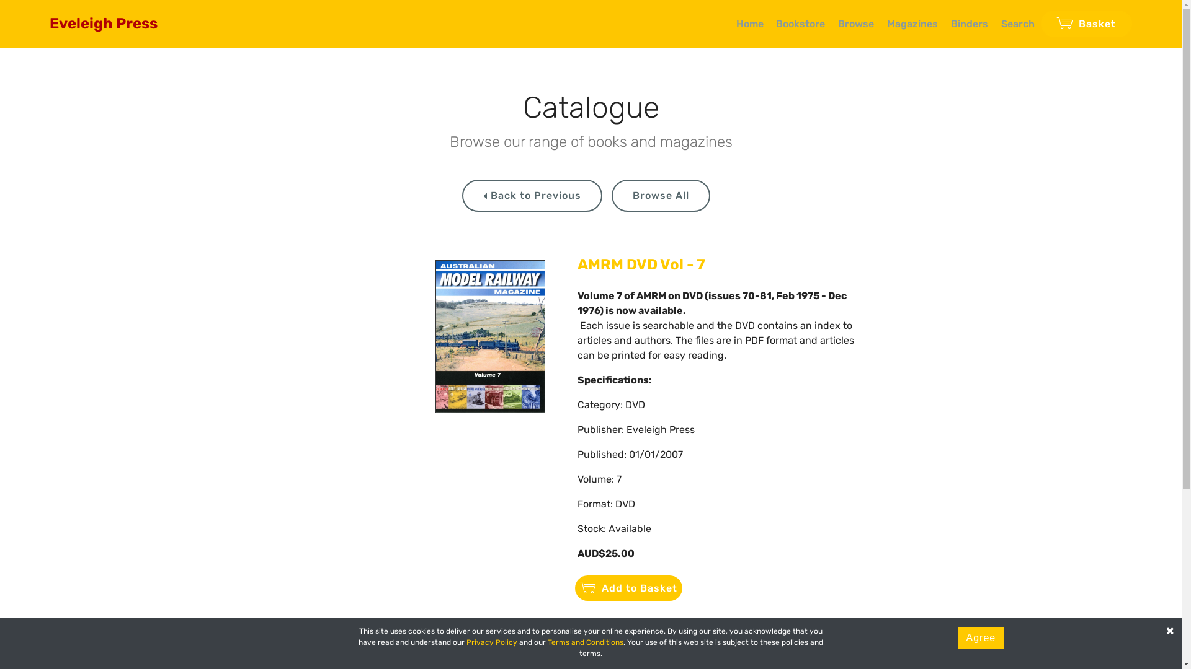 The width and height of the screenshot is (1191, 669). Describe the element at coordinates (489, 336) in the screenshot. I see `'Product image'` at that location.